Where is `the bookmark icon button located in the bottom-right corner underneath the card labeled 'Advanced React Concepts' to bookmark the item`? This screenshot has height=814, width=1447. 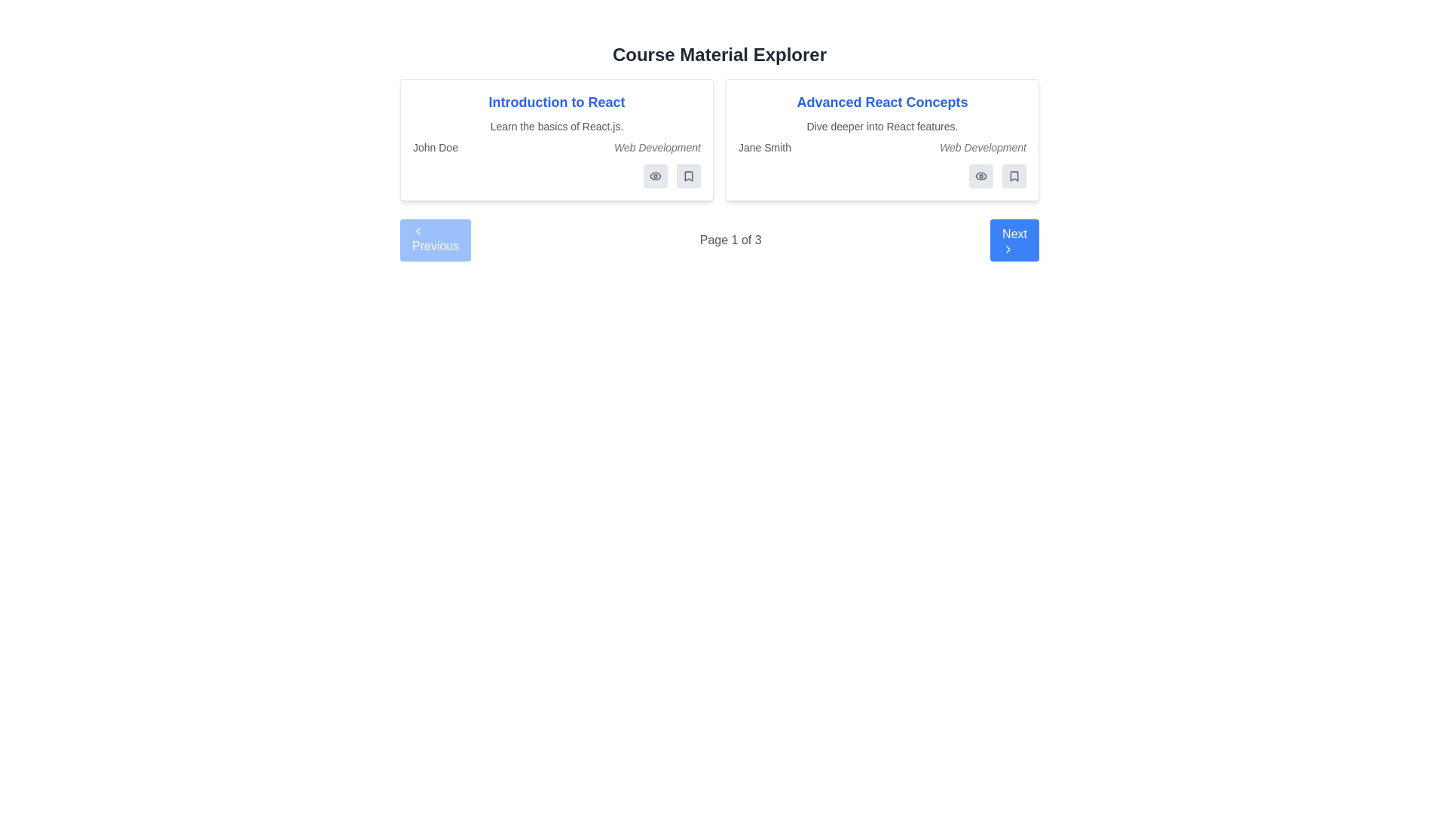
the bookmark icon button located in the bottom-right corner underneath the card labeled 'Advanced React Concepts' to bookmark the item is located at coordinates (1014, 176).